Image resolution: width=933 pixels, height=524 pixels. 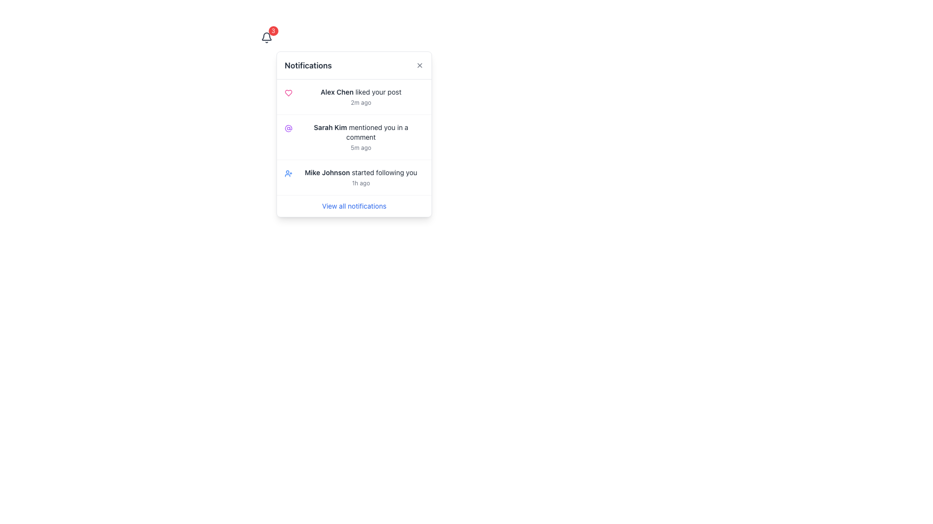 I want to click on the notification icon indicating a mention from Sarah Kim, which is the second notification in the list, so click(x=288, y=128).